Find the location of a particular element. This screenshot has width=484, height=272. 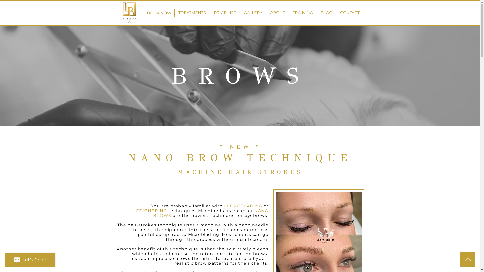

'CONTACT' is located at coordinates (336, 12).